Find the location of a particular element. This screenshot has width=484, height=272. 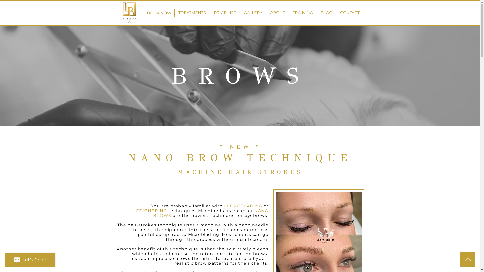

'CONTACT' is located at coordinates (336, 12).